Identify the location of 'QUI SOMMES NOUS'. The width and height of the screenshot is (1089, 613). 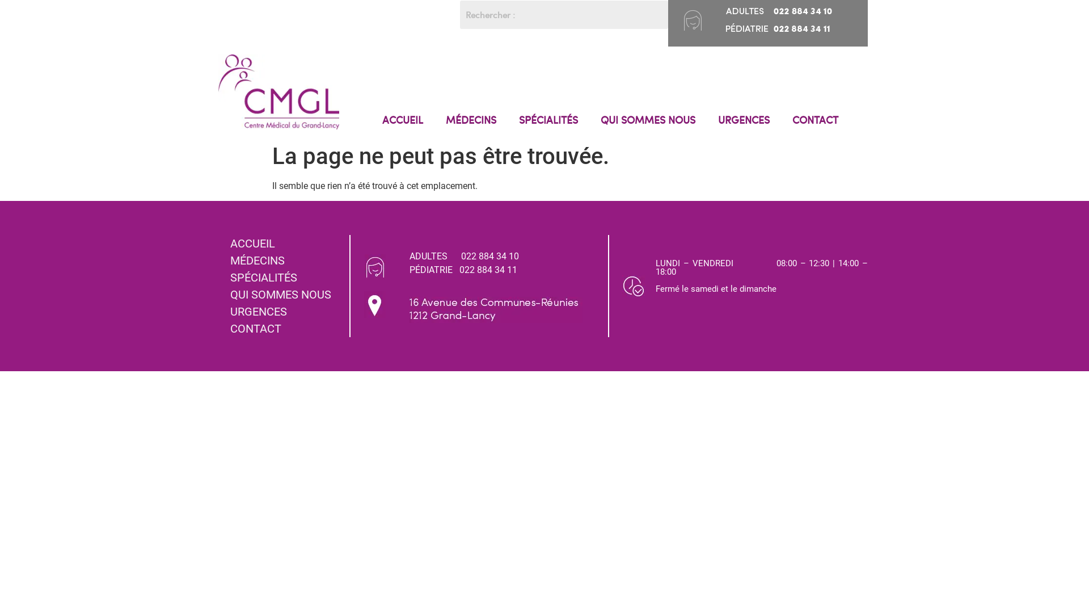
(648, 120).